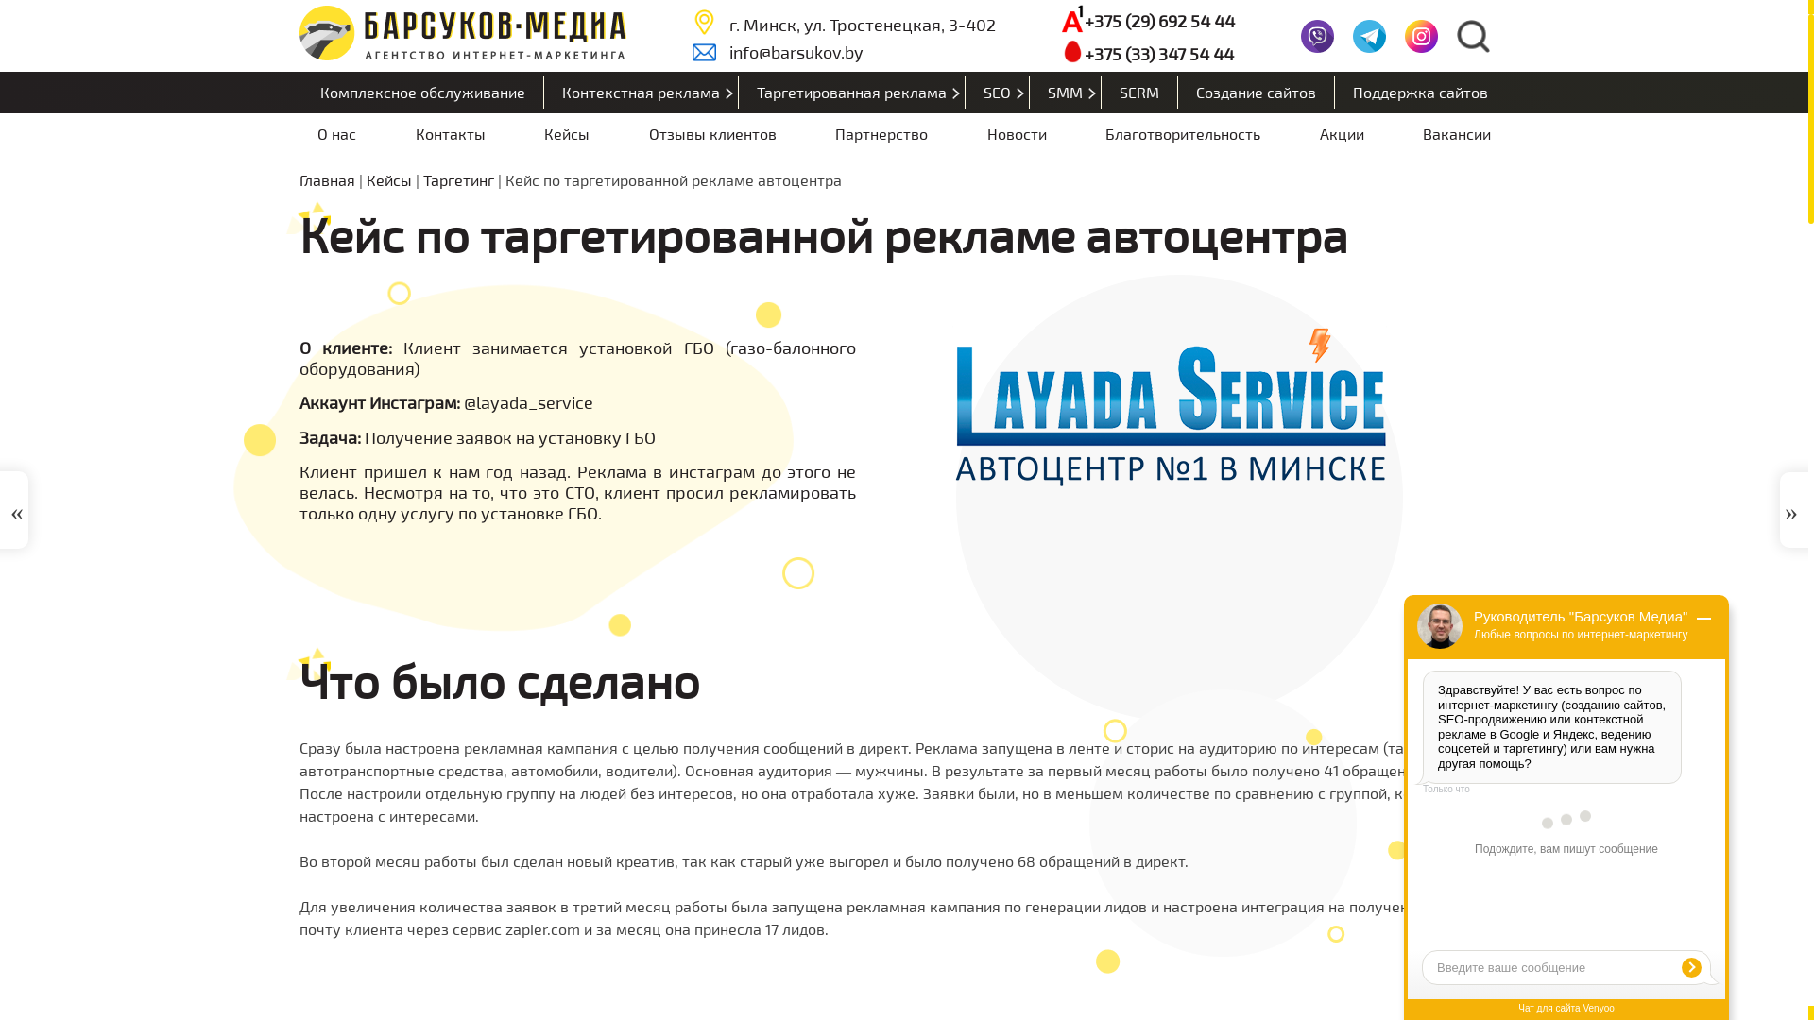 The width and height of the screenshot is (1814, 1020). What do you see at coordinates (997, 92) in the screenshot?
I see `'SEO'` at bounding box center [997, 92].